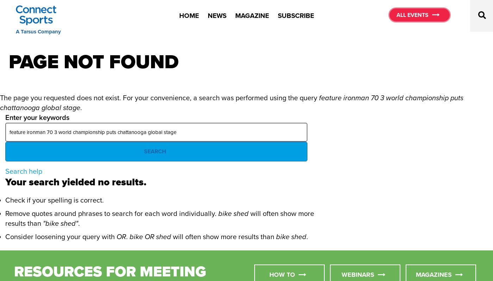  What do you see at coordinates (121, 236) in the screenshot?
I see `'OR'` at bounding box center [121, 236].